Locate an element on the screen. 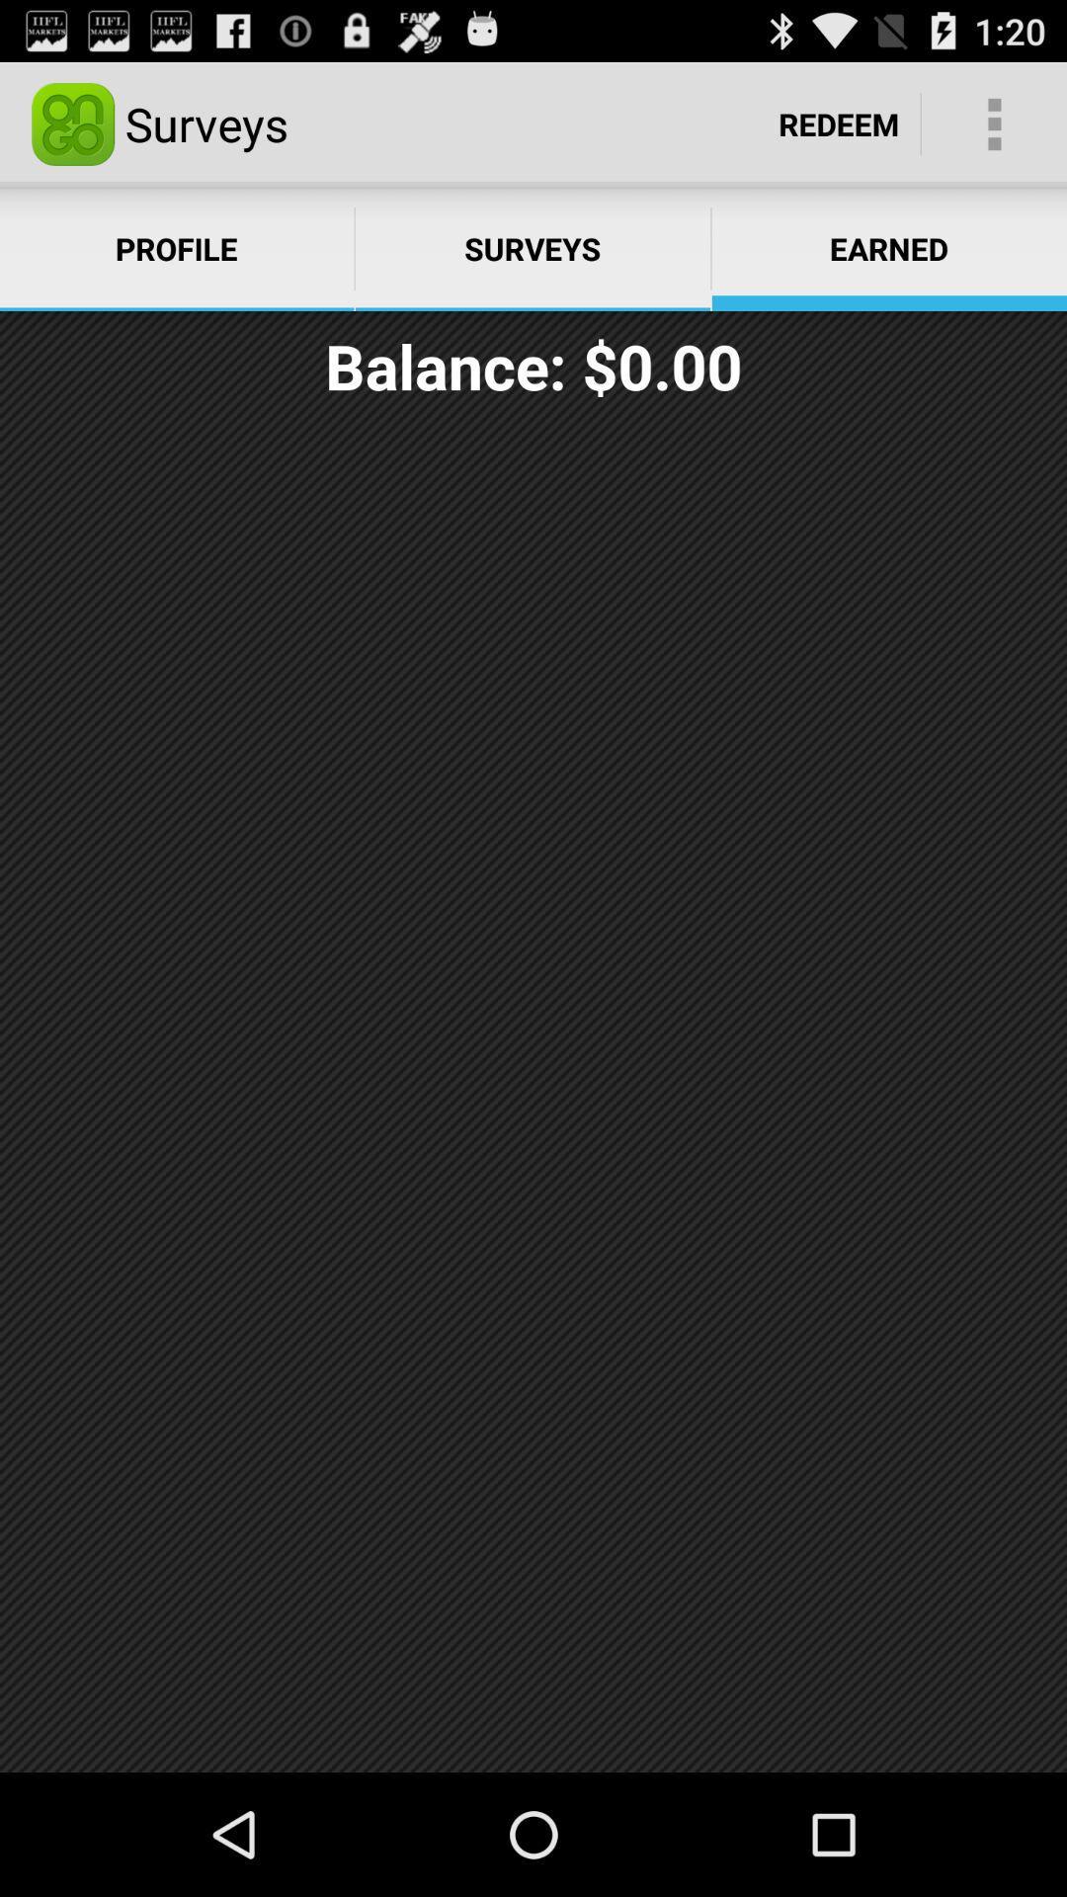 The width and height of the screenshot is (1067, 1897). the icon above the earned app is located at coordinates (994, 123).